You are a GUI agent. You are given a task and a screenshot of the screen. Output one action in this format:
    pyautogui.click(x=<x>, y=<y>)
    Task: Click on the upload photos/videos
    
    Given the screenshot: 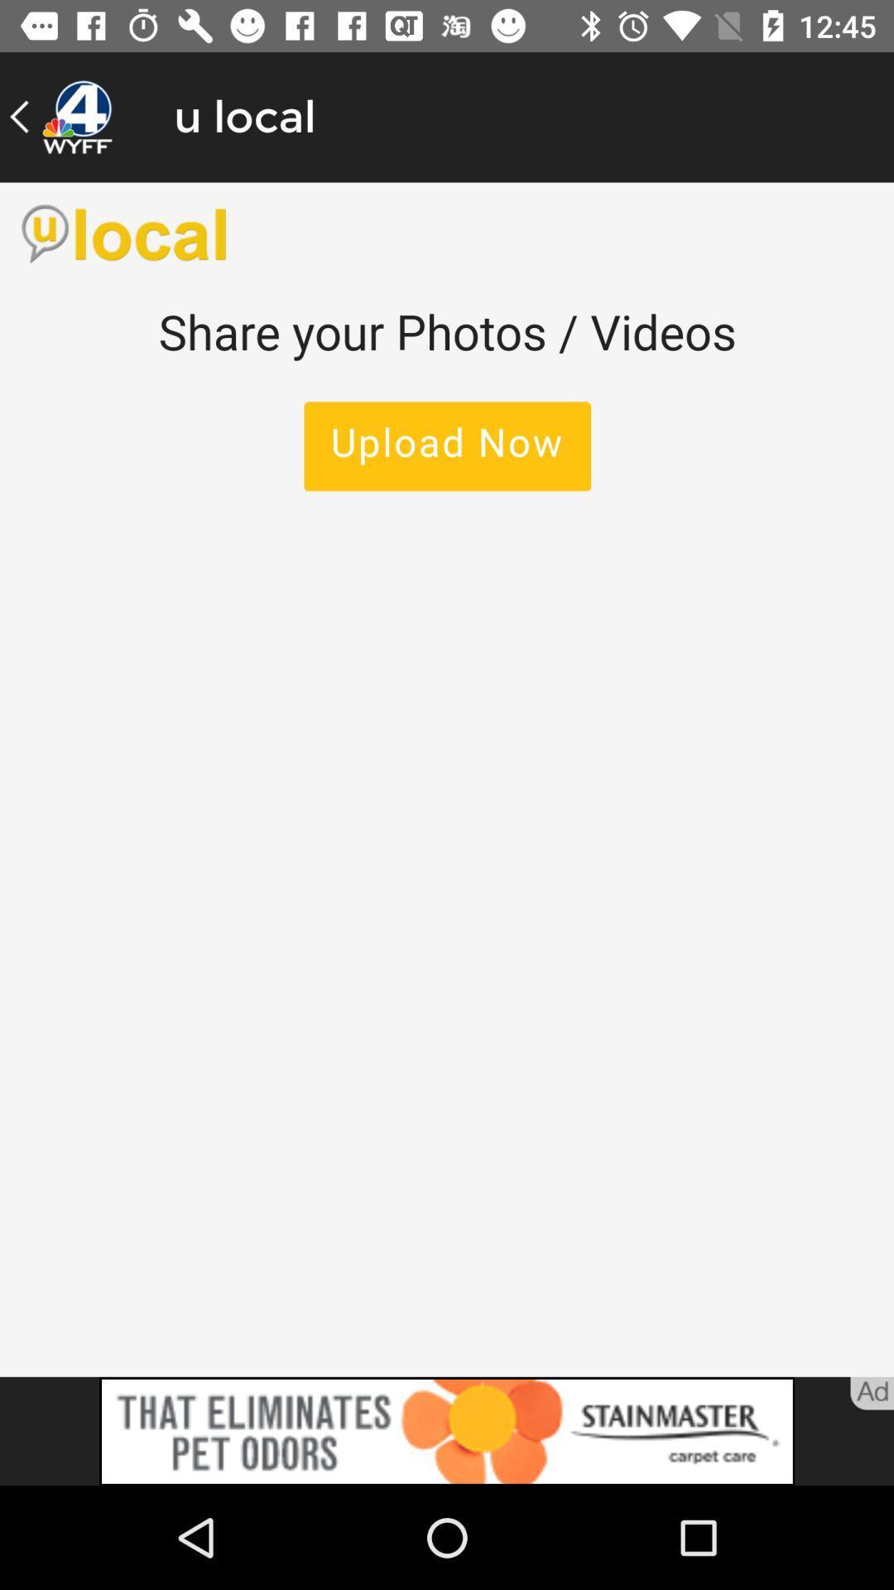 What is the action you would take?
    pyautogui.click(x=447, y=778)
    